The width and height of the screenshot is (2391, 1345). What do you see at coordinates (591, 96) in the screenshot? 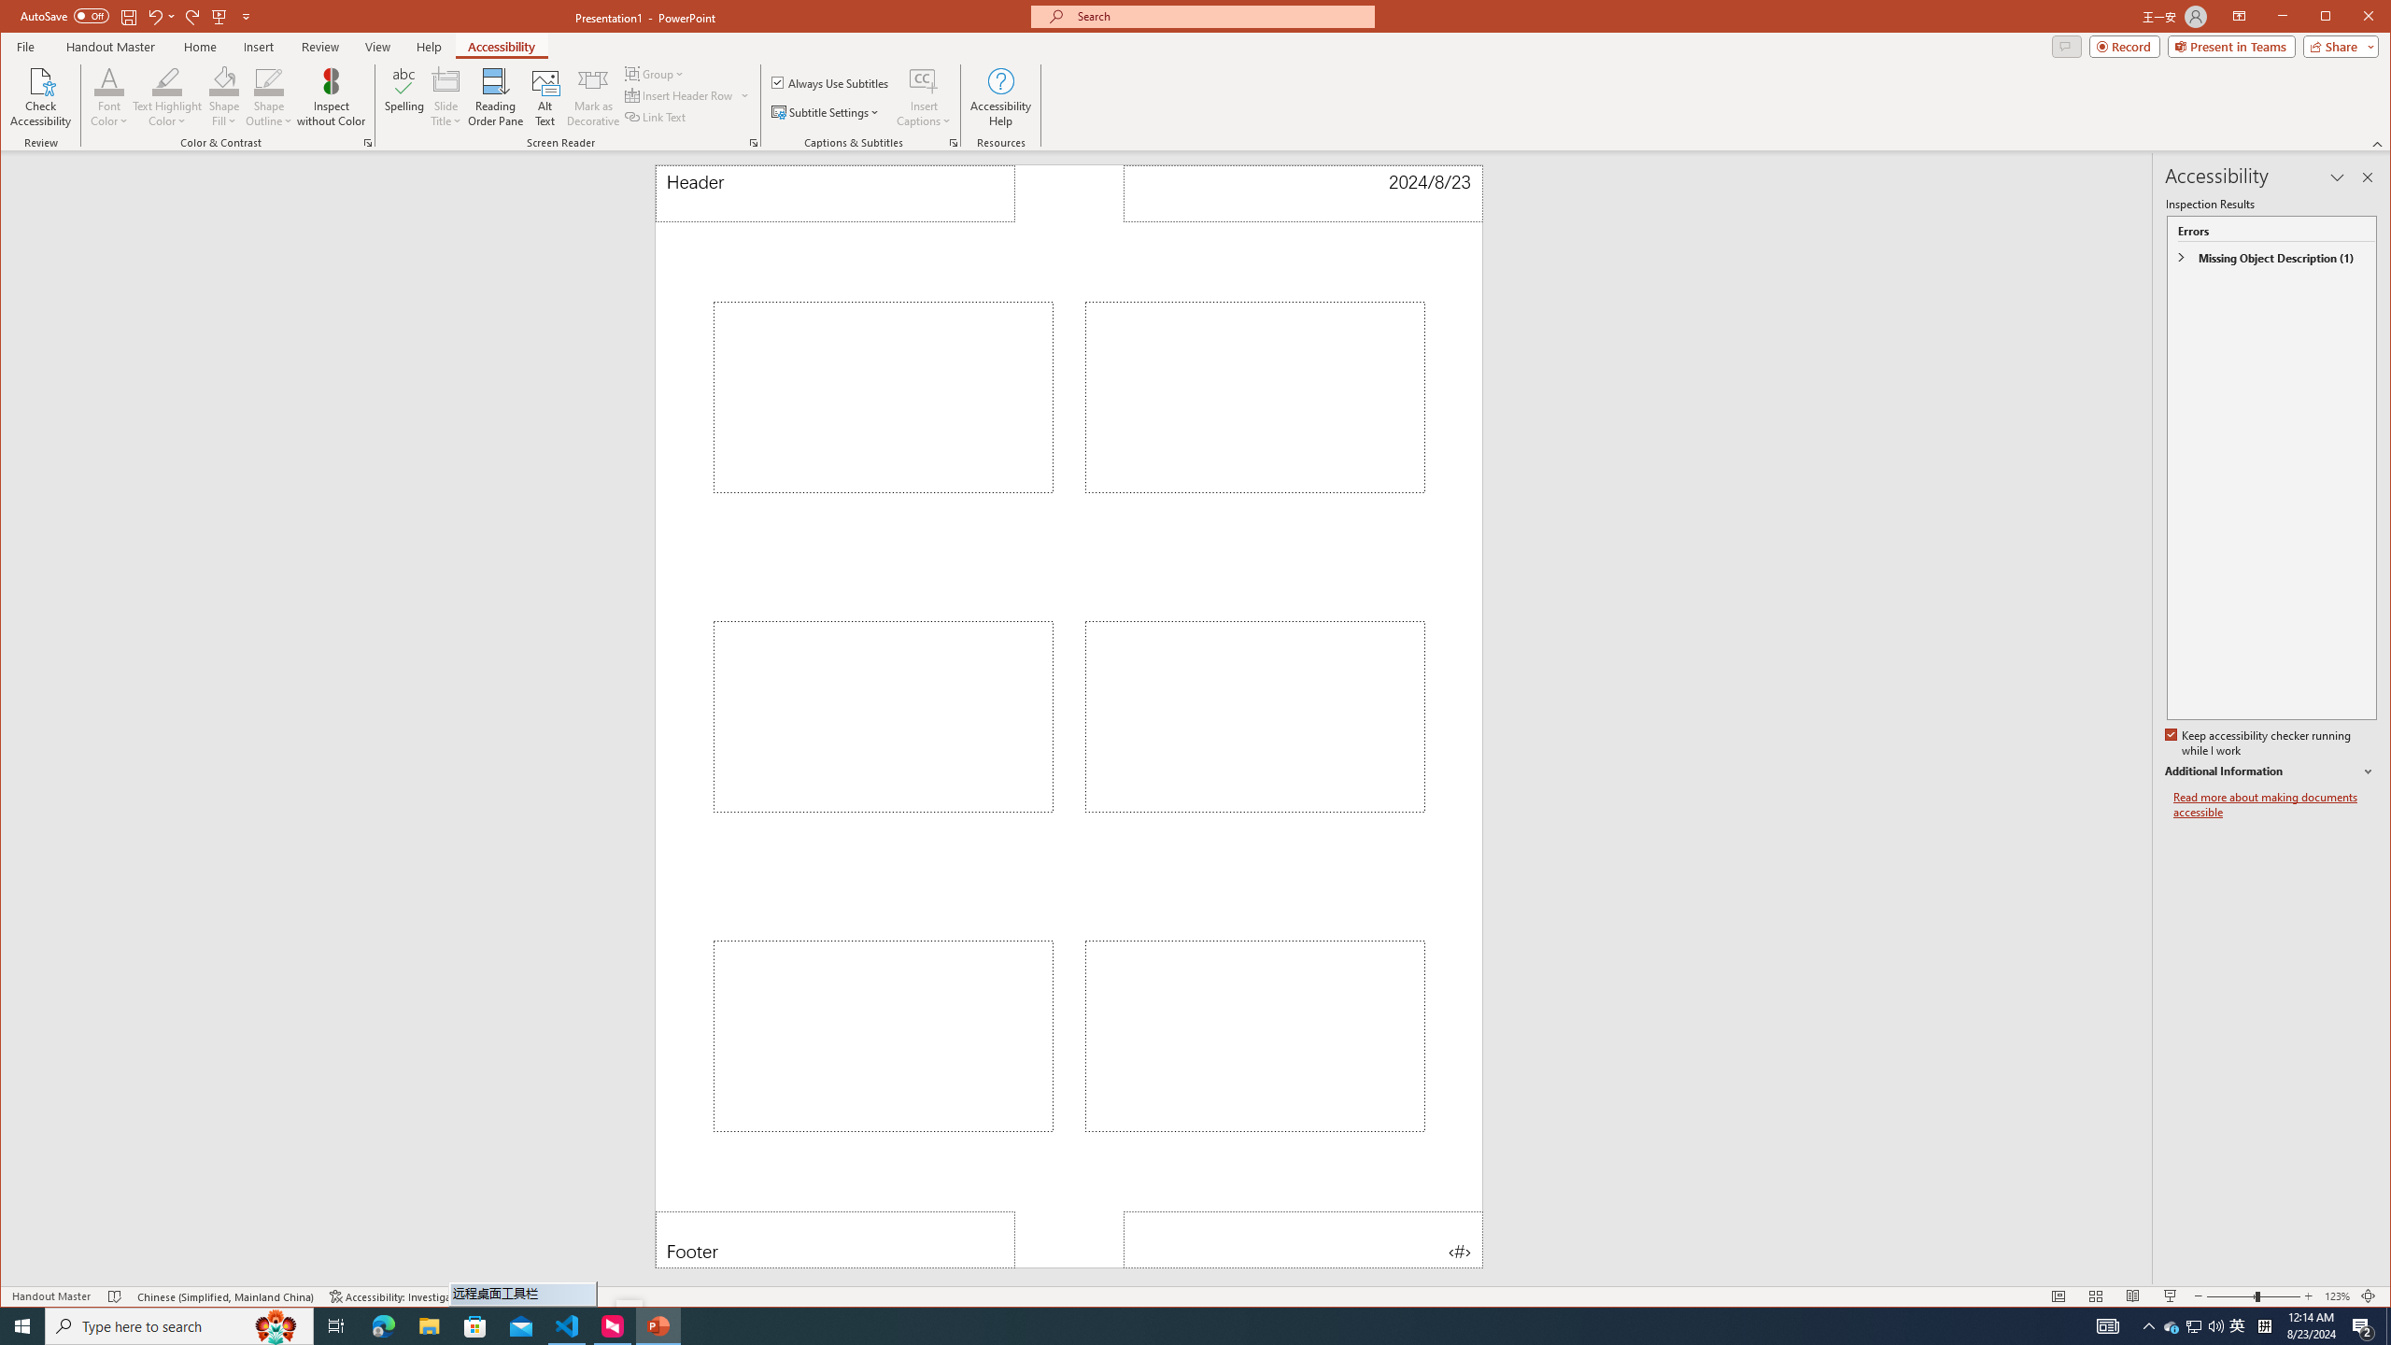
I see `'Mark as Decorative'` at bounding box center [591, 96].